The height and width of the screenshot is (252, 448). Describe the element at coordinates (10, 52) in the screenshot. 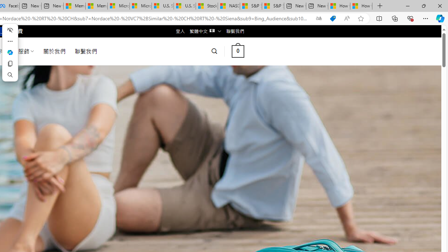

I see `'Mini menu on text selection'` at that location.